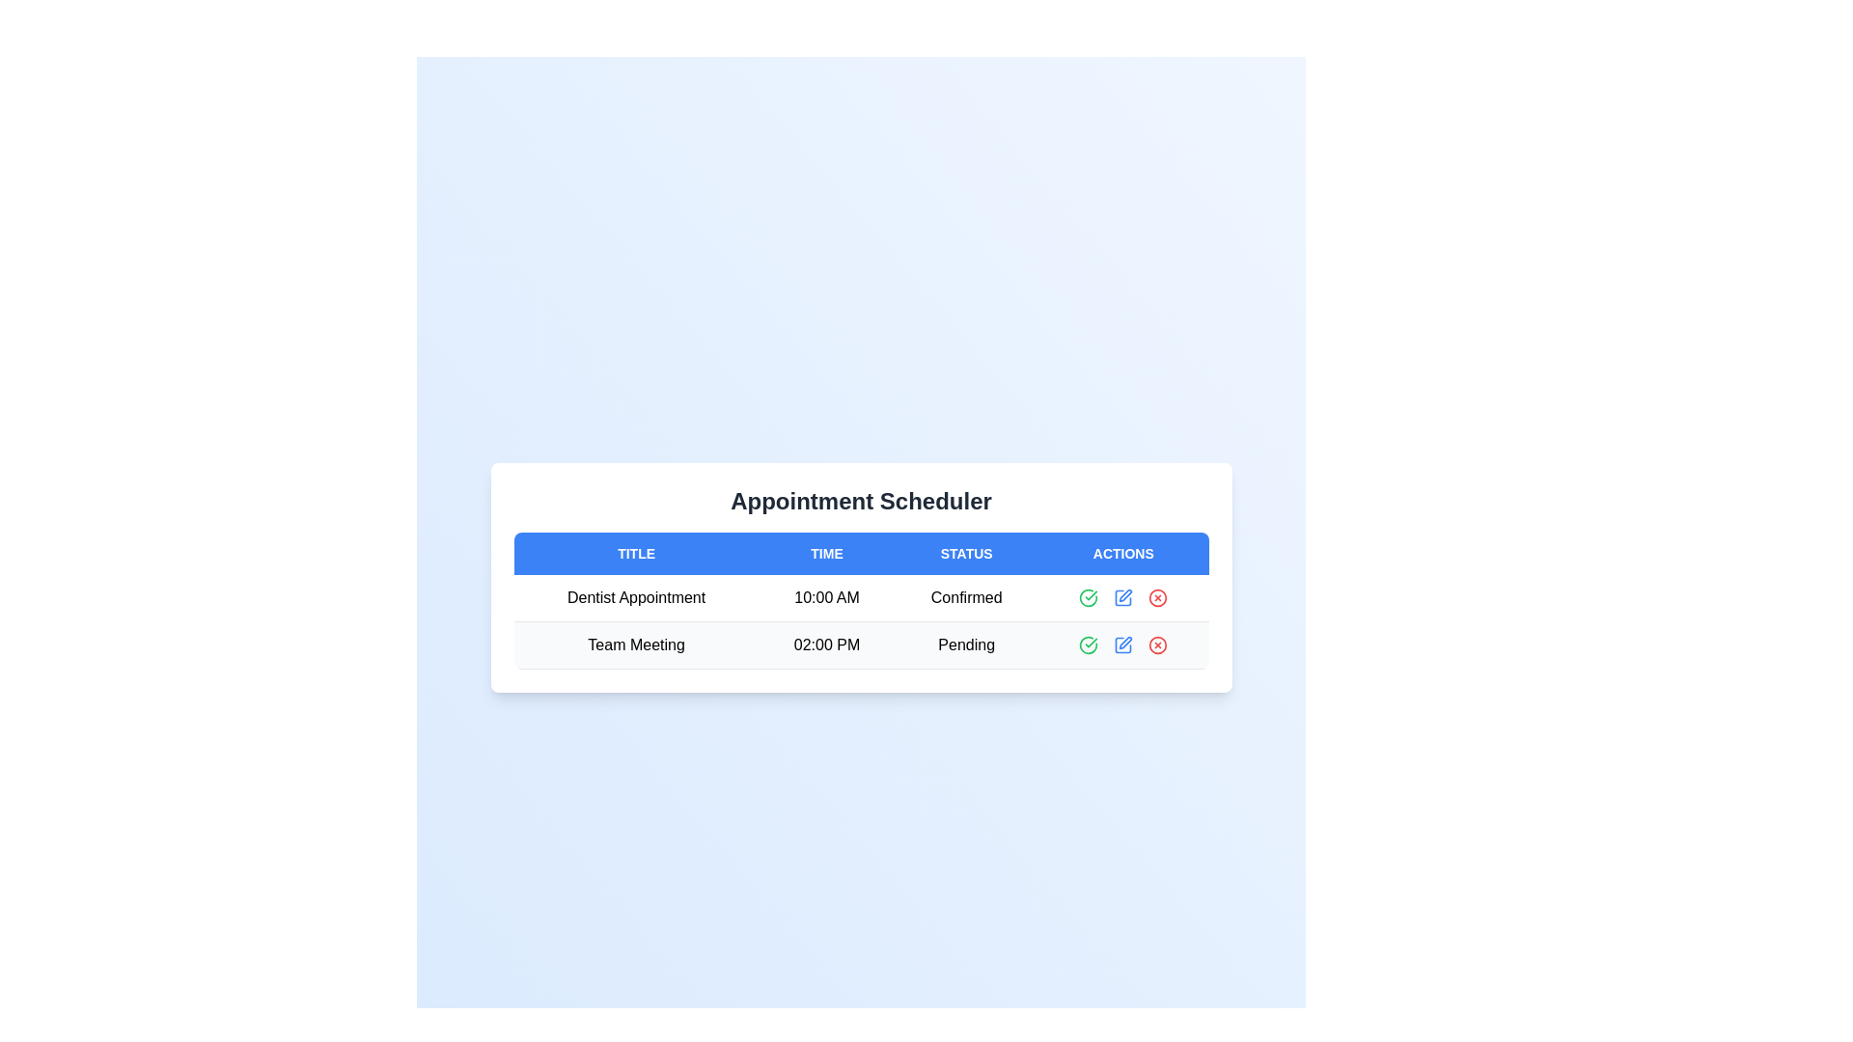  Describe the element at coordinates (1125, 643) in the screenshot. I see `the icon button in the 'Actions' column of the second row` at that location.